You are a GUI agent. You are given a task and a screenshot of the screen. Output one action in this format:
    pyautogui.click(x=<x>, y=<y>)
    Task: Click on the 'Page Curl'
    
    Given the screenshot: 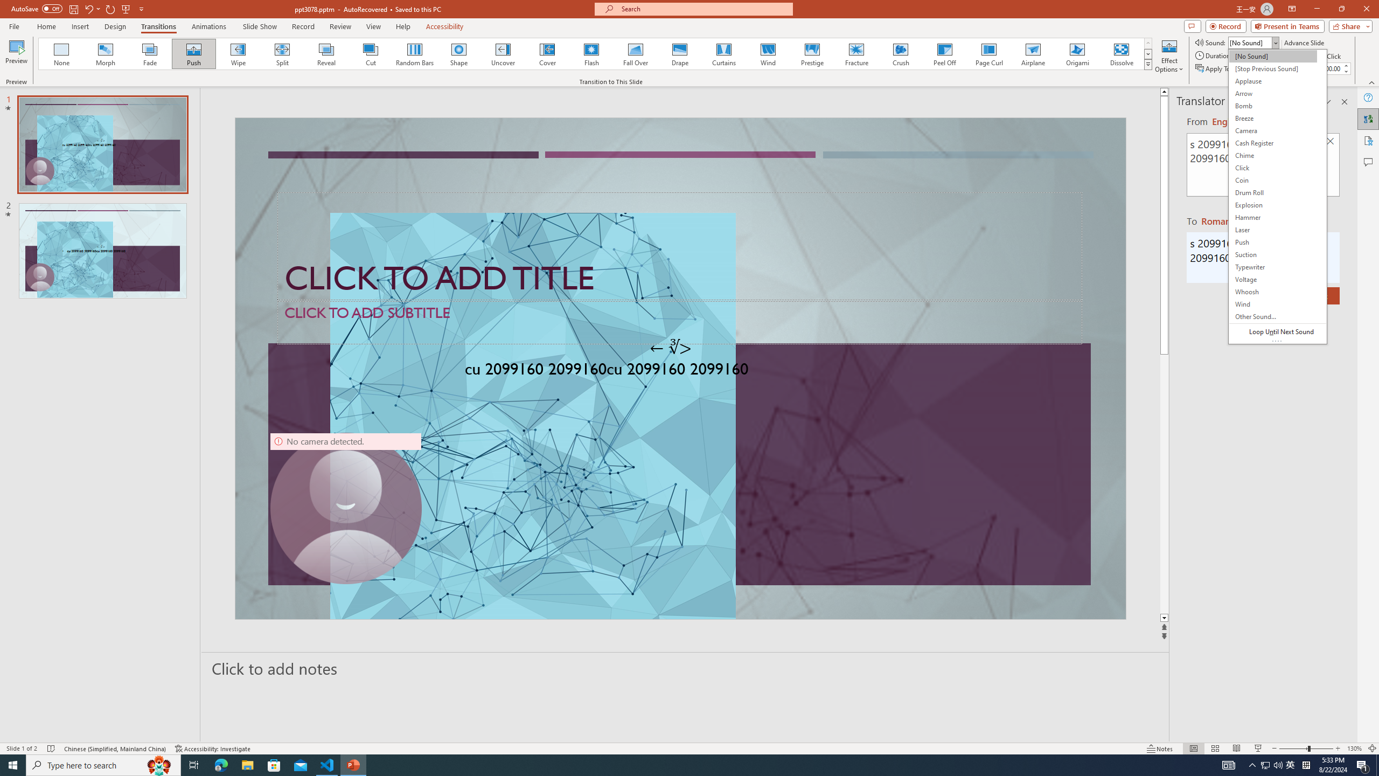 What is the action you would take?
    pyautogui.click(x=988, y=53)
    